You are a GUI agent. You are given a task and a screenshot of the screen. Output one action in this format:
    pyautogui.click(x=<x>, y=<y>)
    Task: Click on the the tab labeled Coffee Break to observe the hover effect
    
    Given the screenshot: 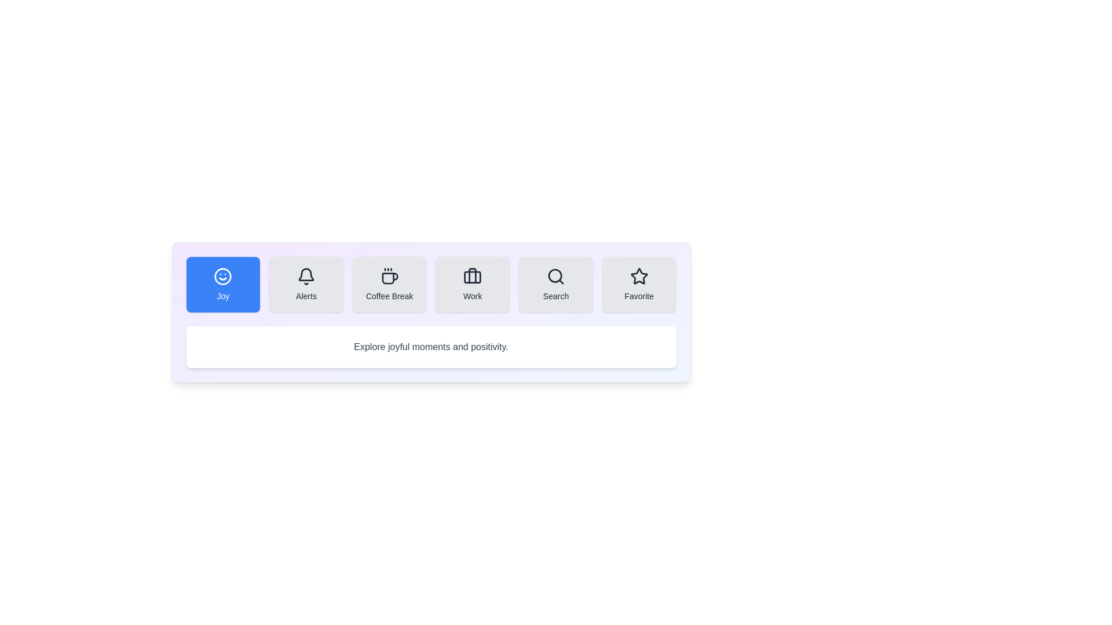 What is the action you would take?
    pyautogui.click(x=389, y=285)
    